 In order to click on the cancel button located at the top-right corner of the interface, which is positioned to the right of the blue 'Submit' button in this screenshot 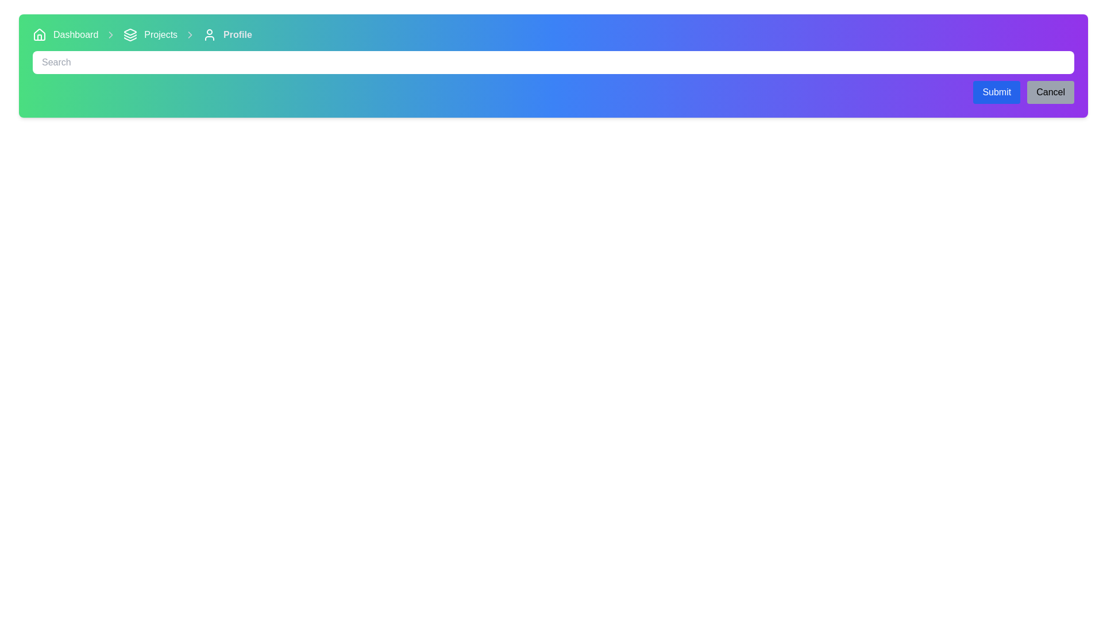, I will do `click(1051, 92)`.